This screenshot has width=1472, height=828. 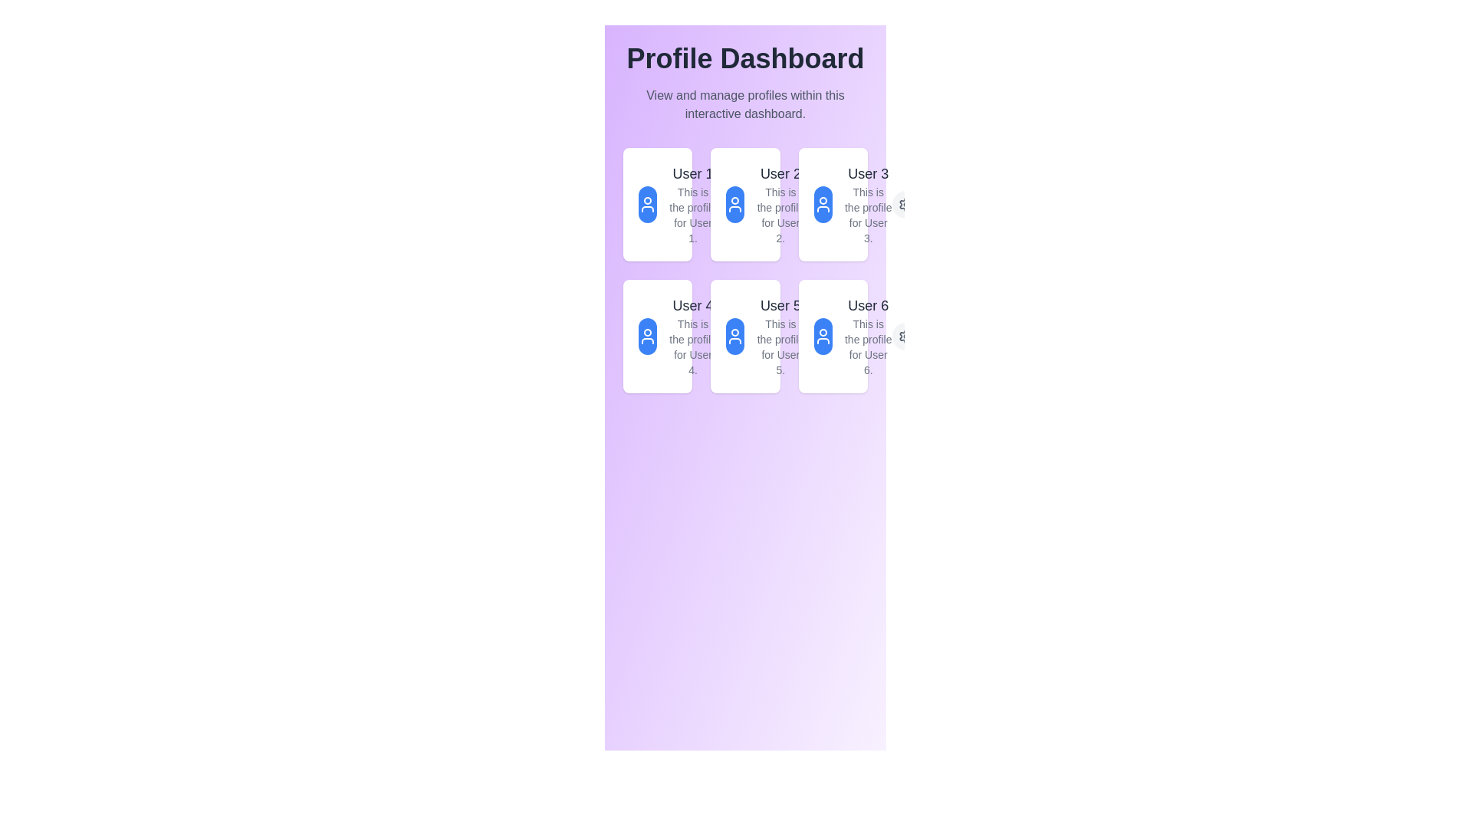 I want to click on the button located in the bottom-right area of 'User 6's profile card, so click(x=905, y=336).